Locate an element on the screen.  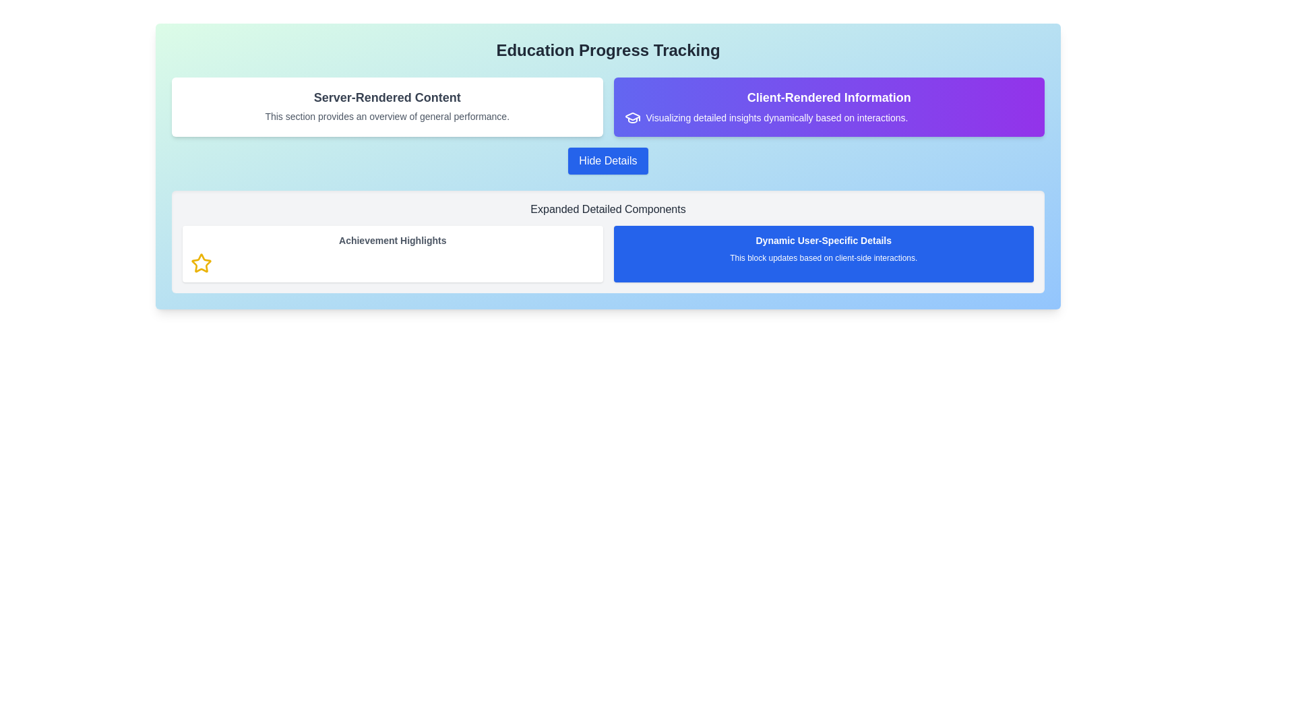
text snippet that says 'Visualizing detailed insights dynamically based on interactions.' located on the right side of the purple box titled 'Client-Rendered Information.' is located at coordinates (776, 117).